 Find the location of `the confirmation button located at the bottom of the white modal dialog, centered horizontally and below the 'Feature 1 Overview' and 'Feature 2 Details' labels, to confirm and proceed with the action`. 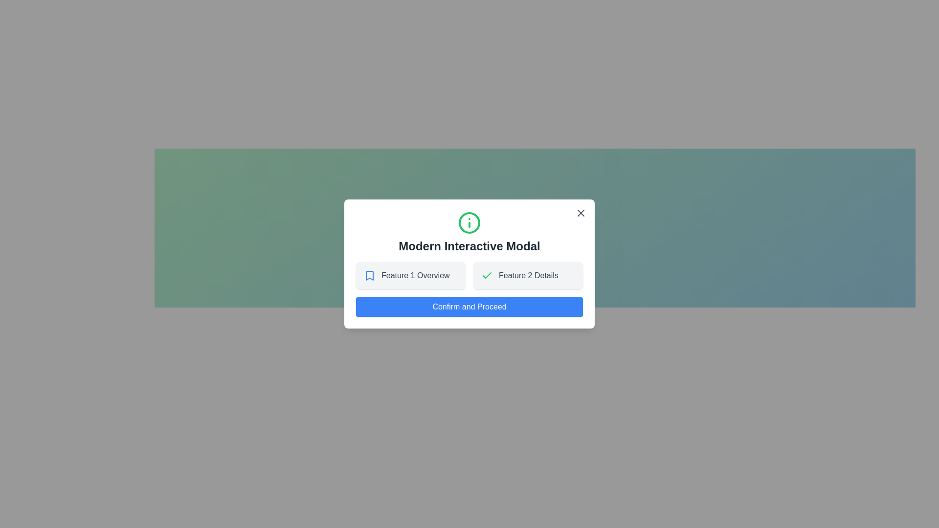

the confirmation button located at the bottom of the white modal dialog, centered horizontally and below the 'Feature 1 Overview' and 'Feature 2 Details' labels, to confirm and proceed with the action is located at coordinates (469, 307).